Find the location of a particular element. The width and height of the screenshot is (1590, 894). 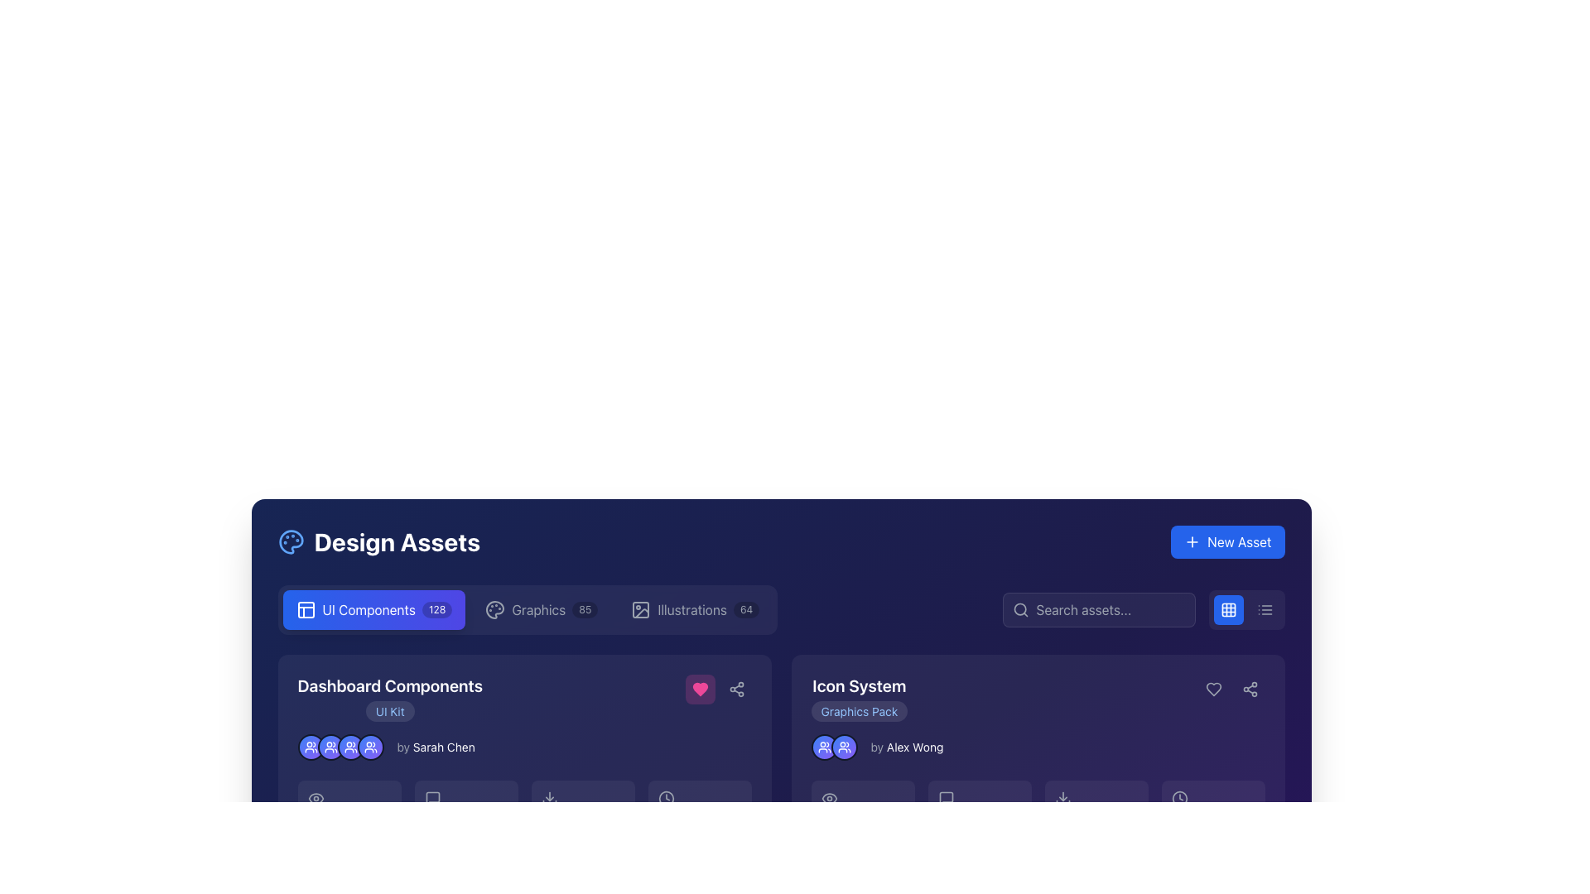

the number '128' displayed on the Badge, which is a small rounded rectangle located to the right of the 'UI Components' section header on the top navigation bar is located at coordinates (437, 609).